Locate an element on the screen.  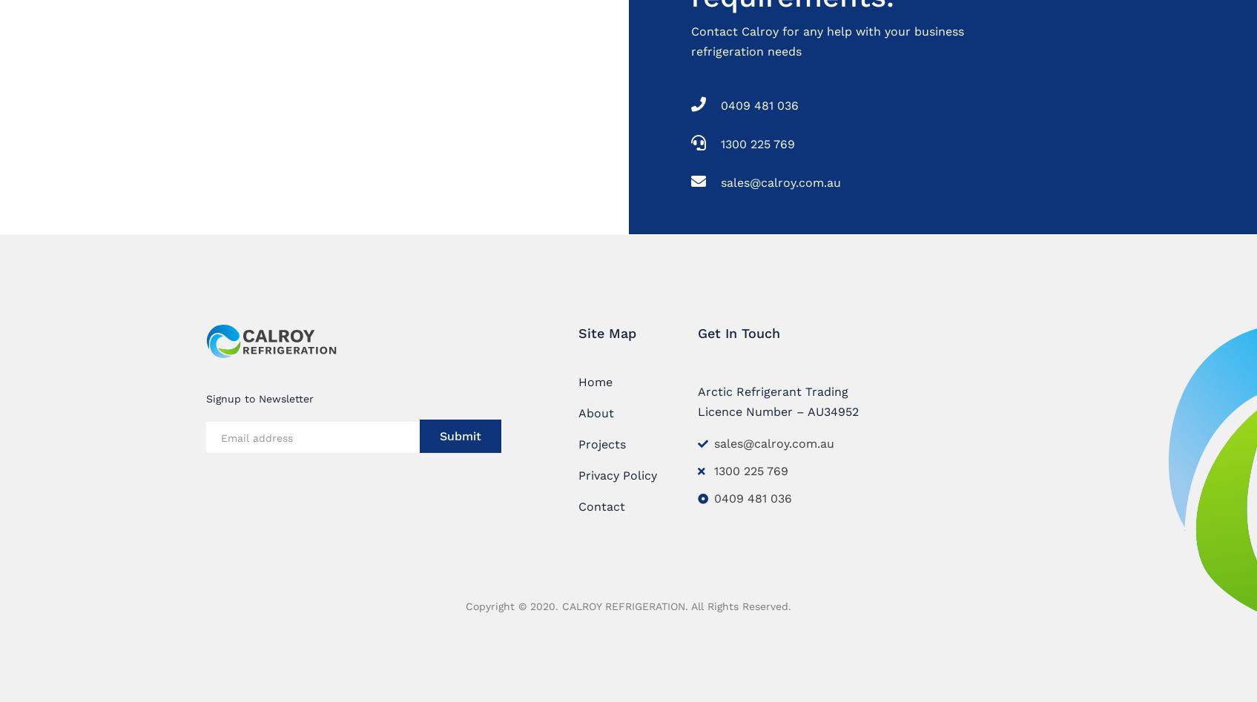
'Get In Touch' is located at coordinates (697, 332).